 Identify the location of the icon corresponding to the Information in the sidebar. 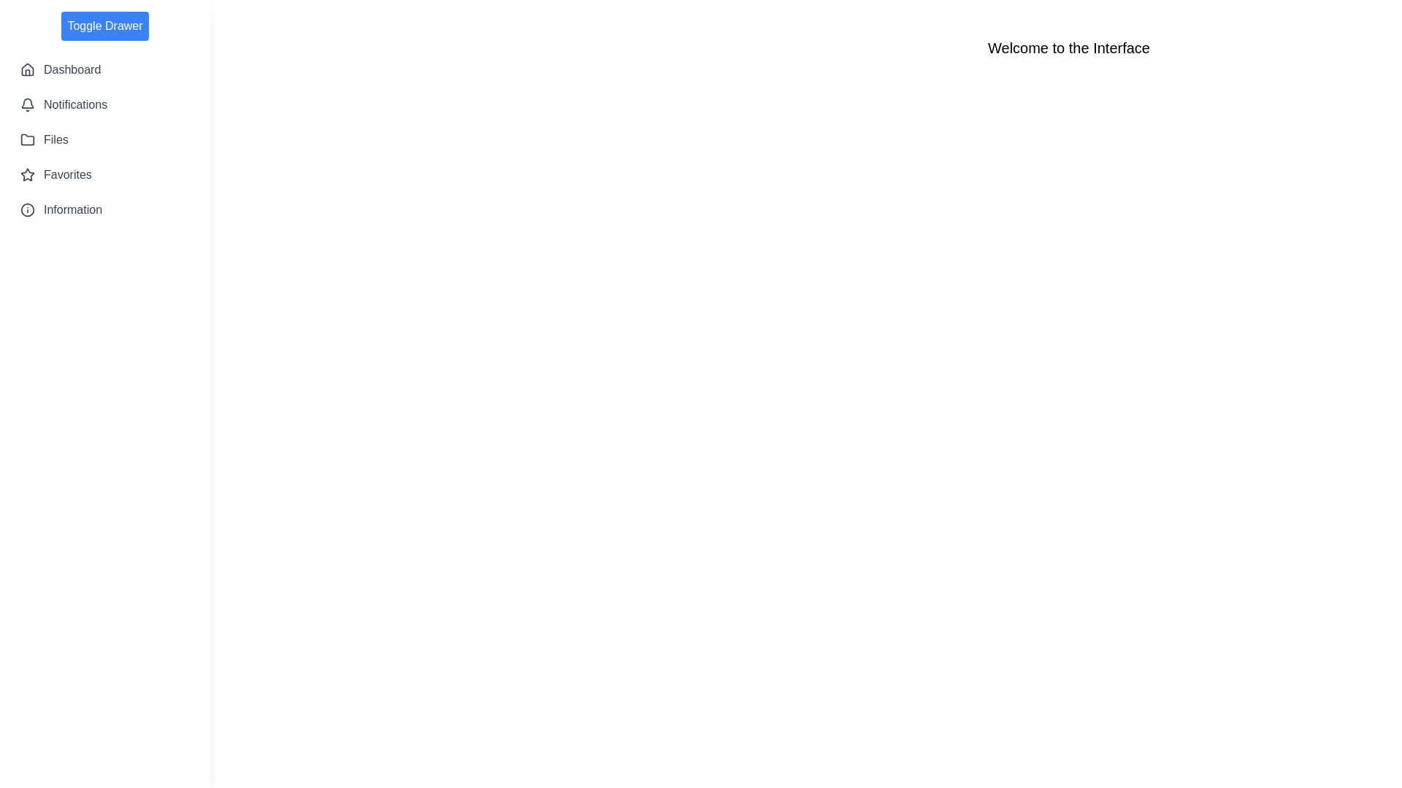
(28, 210).